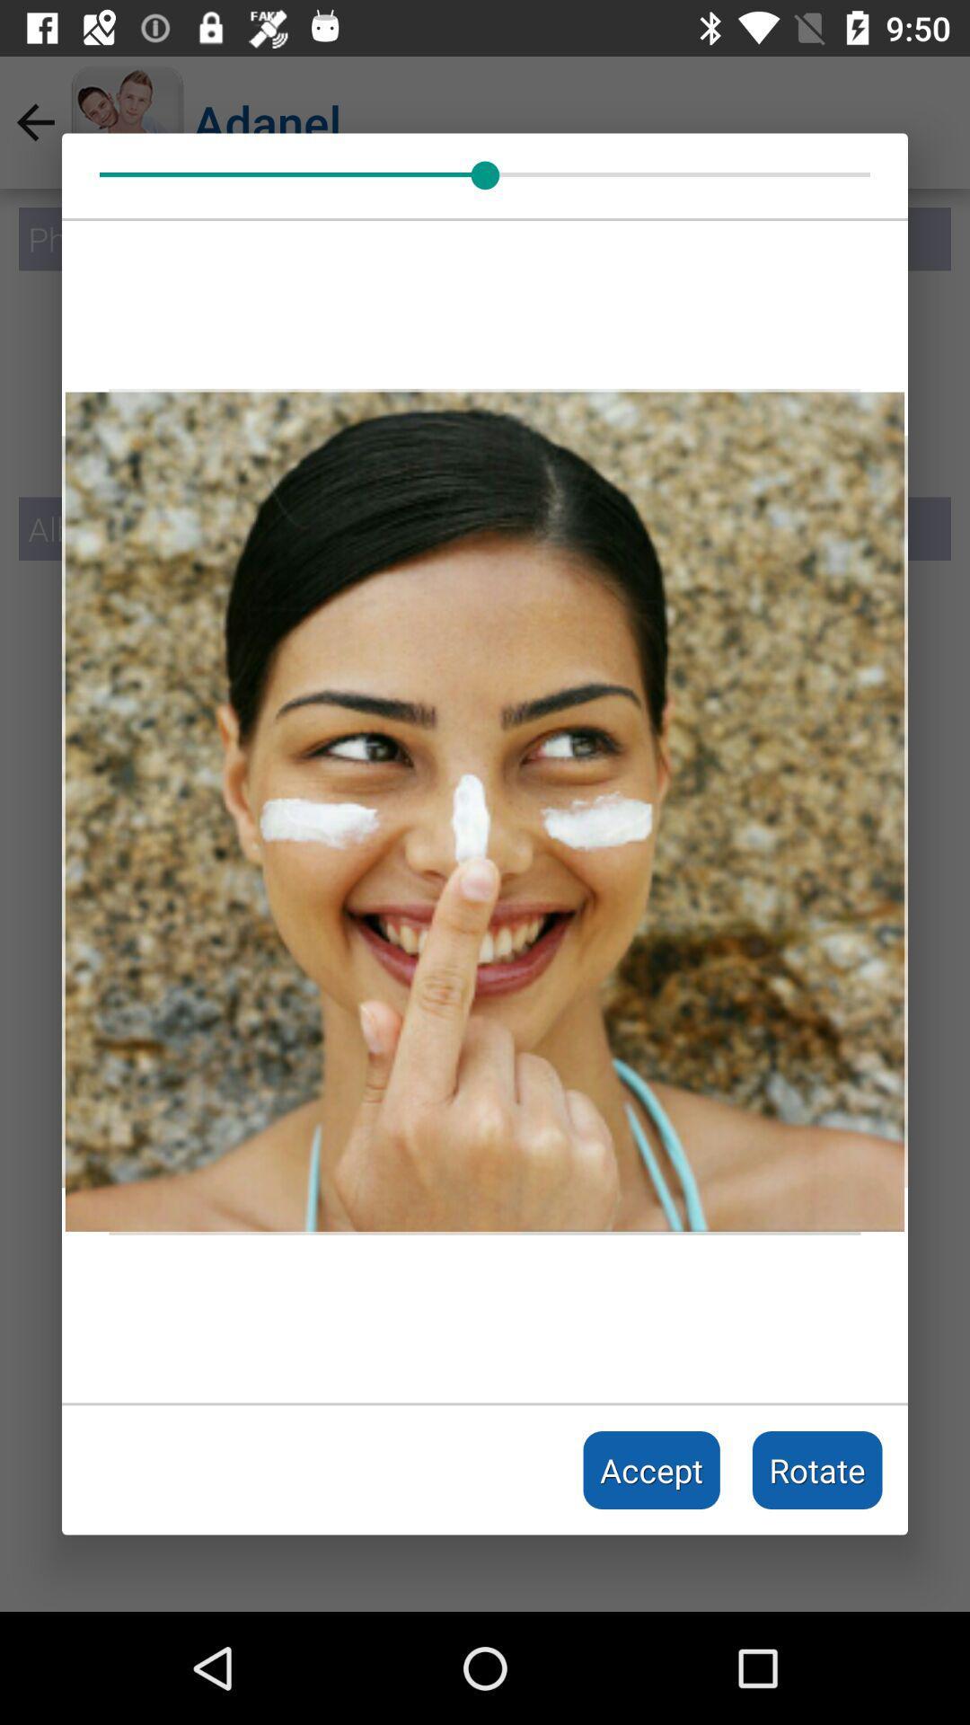 Image resolution: width=970 pixels, height=1725 pixels. What do you see at coordinates (817, 1470) in the screenshot?
I see `the item to the right of the accept item` at bounding box center [817, 1470].